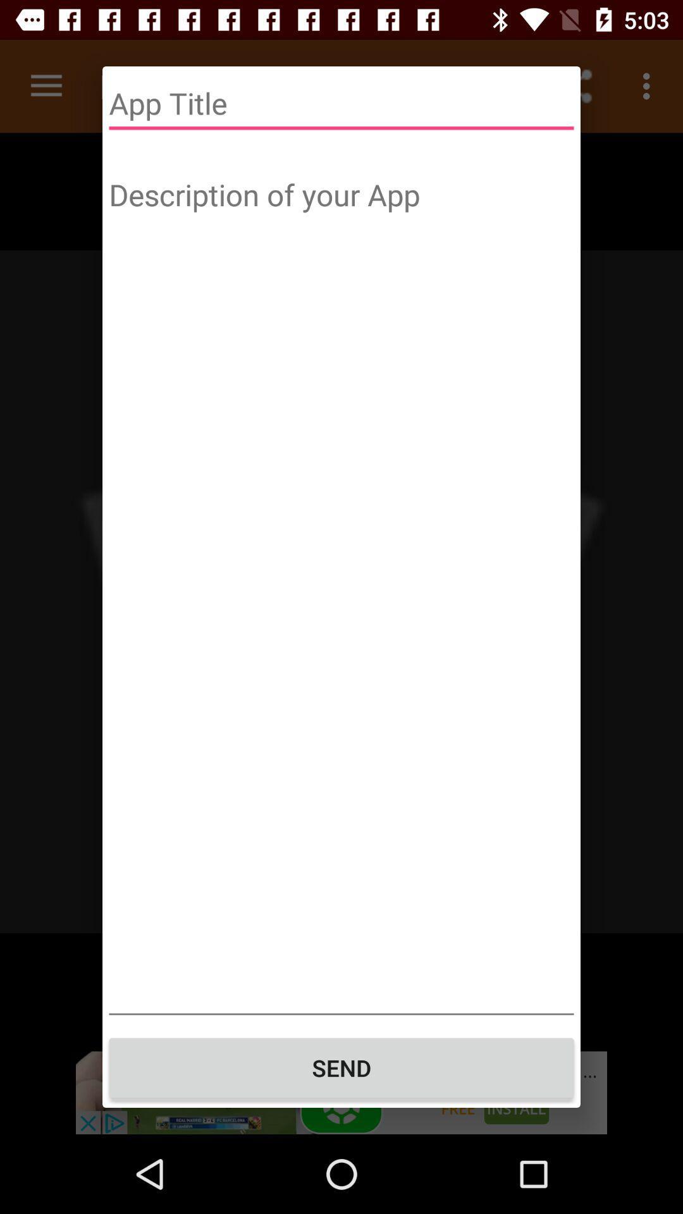 Image resolution: width=683 pixels, height=1214 pixels. What do you see at coordinates (341, 1067) in the screenshot?
I see `icon at the bottom` at bounding box center [341, 1067].